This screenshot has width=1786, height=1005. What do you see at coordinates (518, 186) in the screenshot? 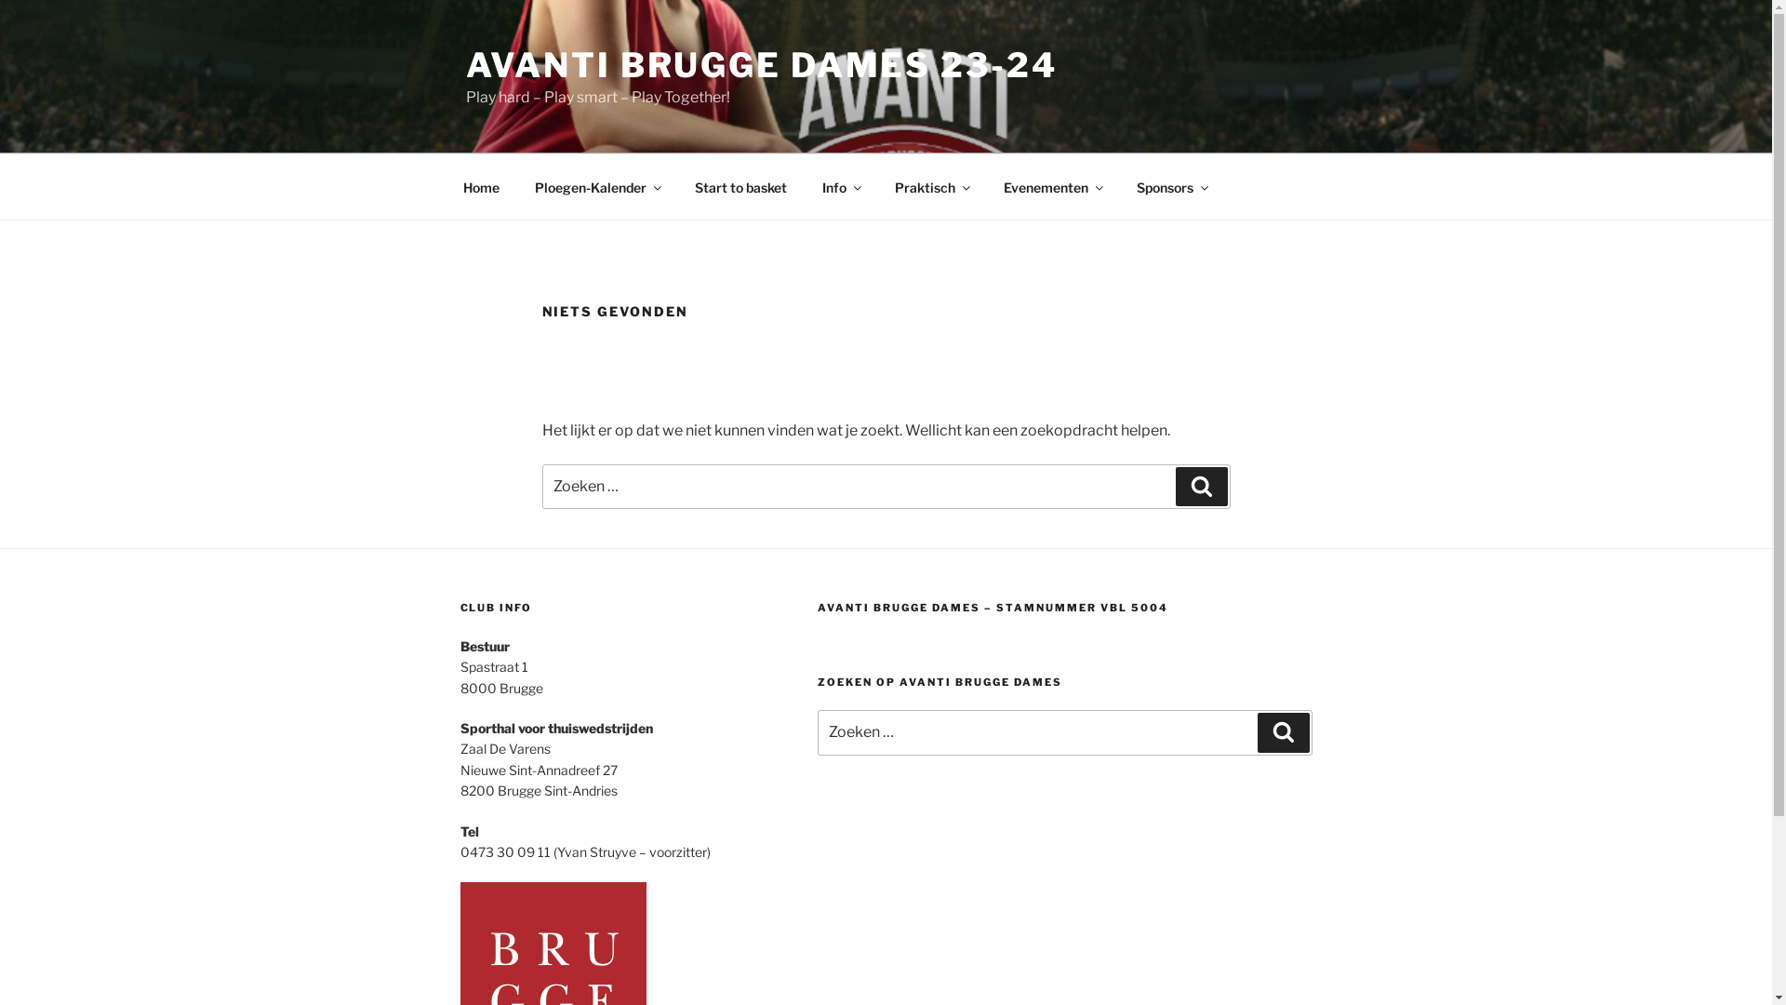
I see `'Ploegen-Kalender'` at bounding box center [518, 186].